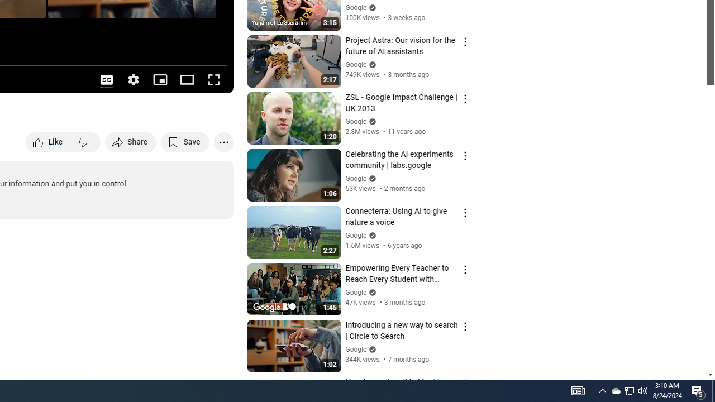 This screenshot has height=402, width=715. What do you see at coordinates (185, 141) in the screenshot?
I see `'Save to playlist'` at bounding box center [185, 141].